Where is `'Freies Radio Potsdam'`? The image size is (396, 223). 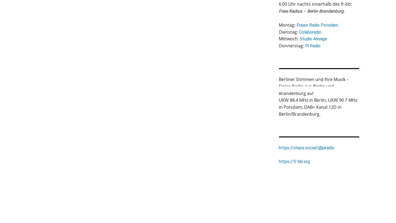
'Freies Radio Potsdam' is located at coordinates (317, 25).